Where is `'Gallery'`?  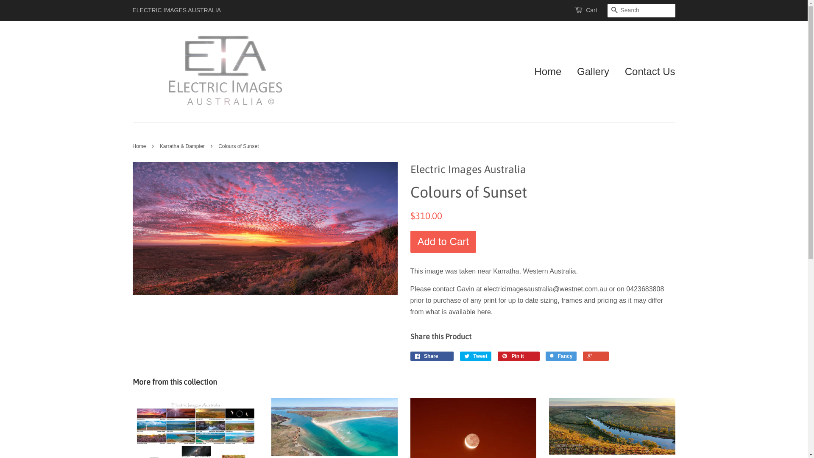 'Gallery' is located at coordinates (592, 71).